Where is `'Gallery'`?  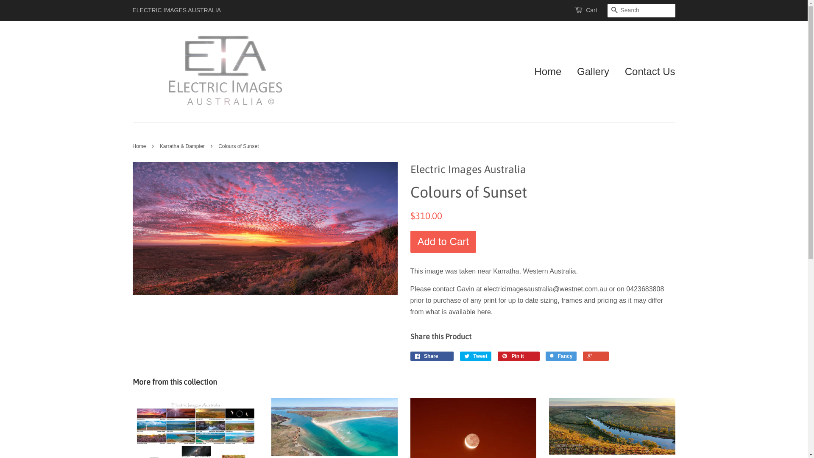 'Gallery' is located at coordinates (592, 71).